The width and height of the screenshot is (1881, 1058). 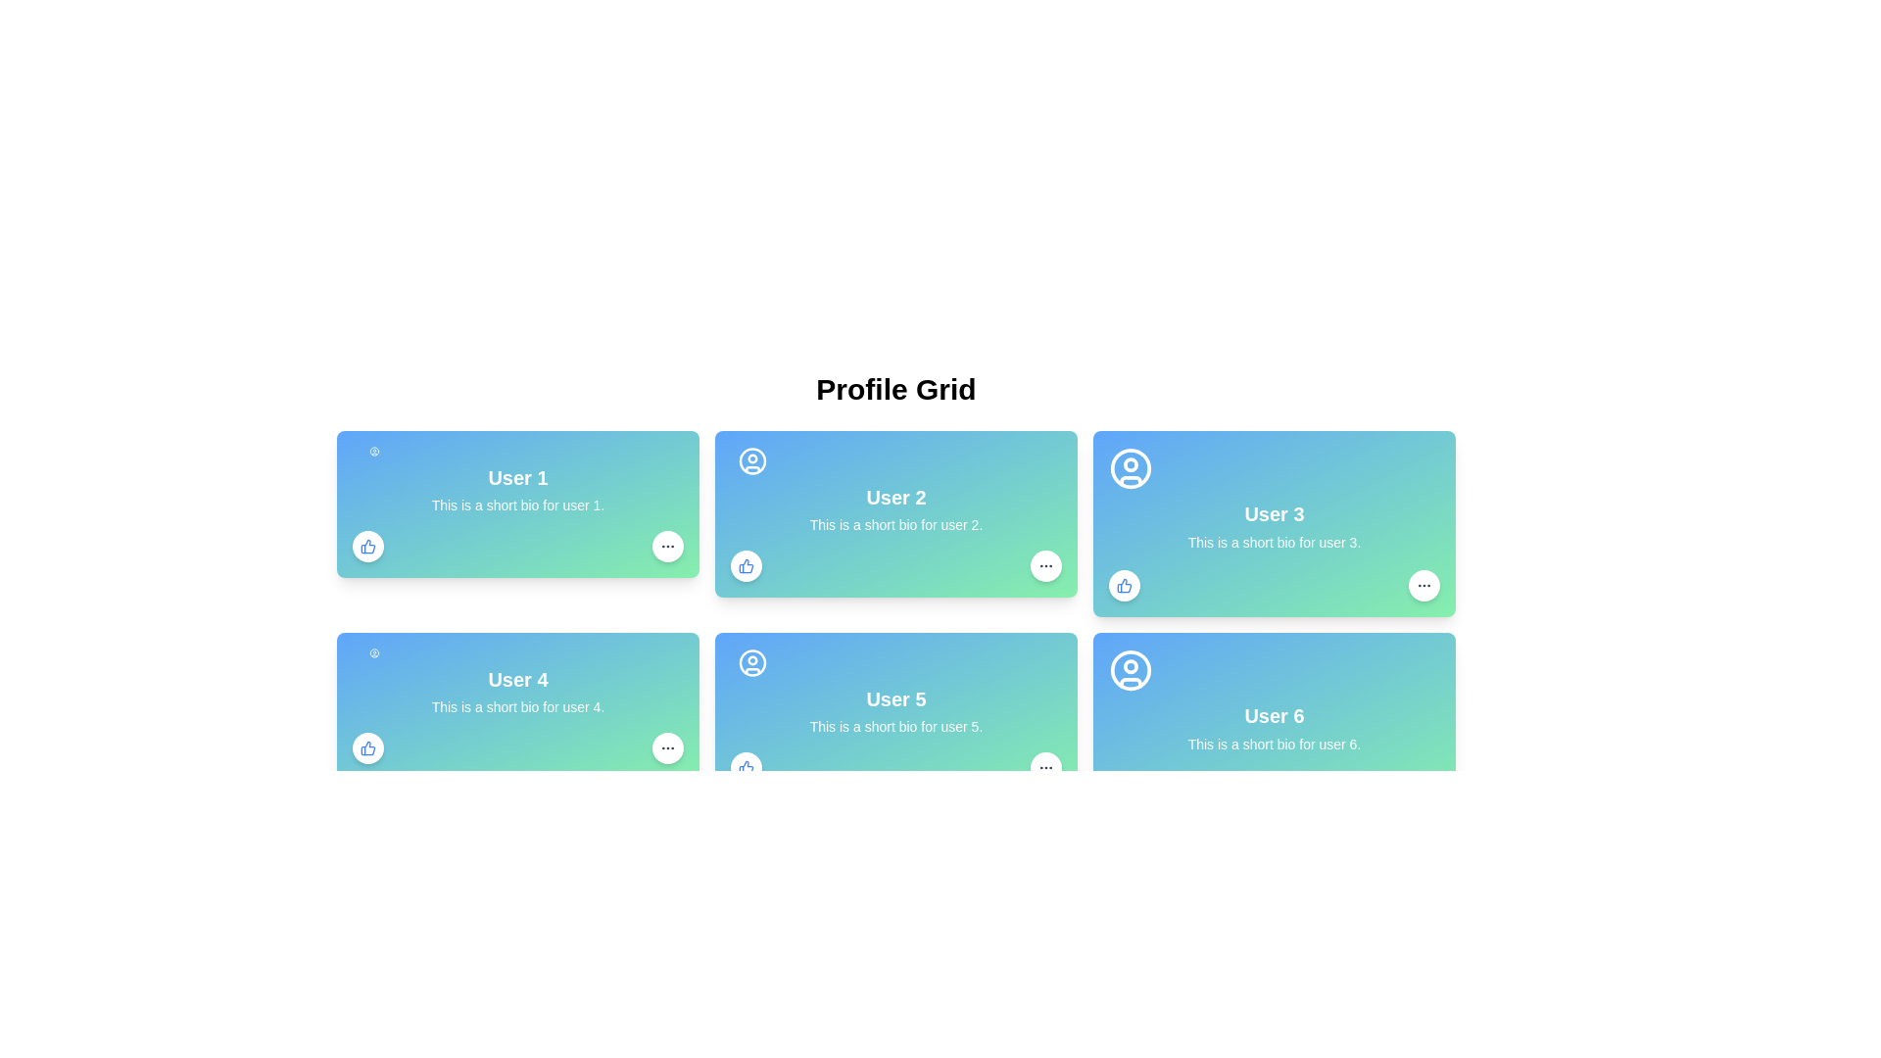 I want to click on the Profile Card, which is the fifth in a grid layout, so click(x=895, y=716).